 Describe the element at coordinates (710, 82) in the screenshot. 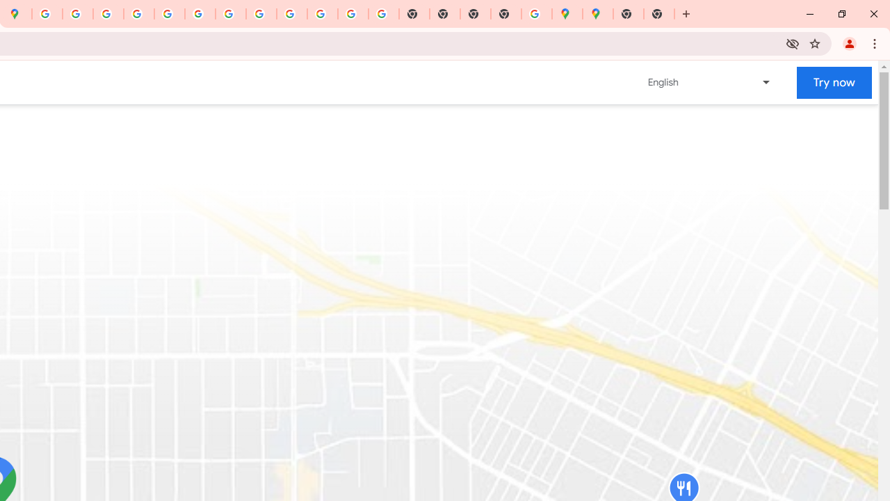

I see `'Change language or region'` at that location.